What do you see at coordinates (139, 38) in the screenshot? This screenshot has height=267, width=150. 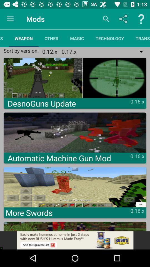 I see `icon above 0 12 x` at bounding box center [139, 38].